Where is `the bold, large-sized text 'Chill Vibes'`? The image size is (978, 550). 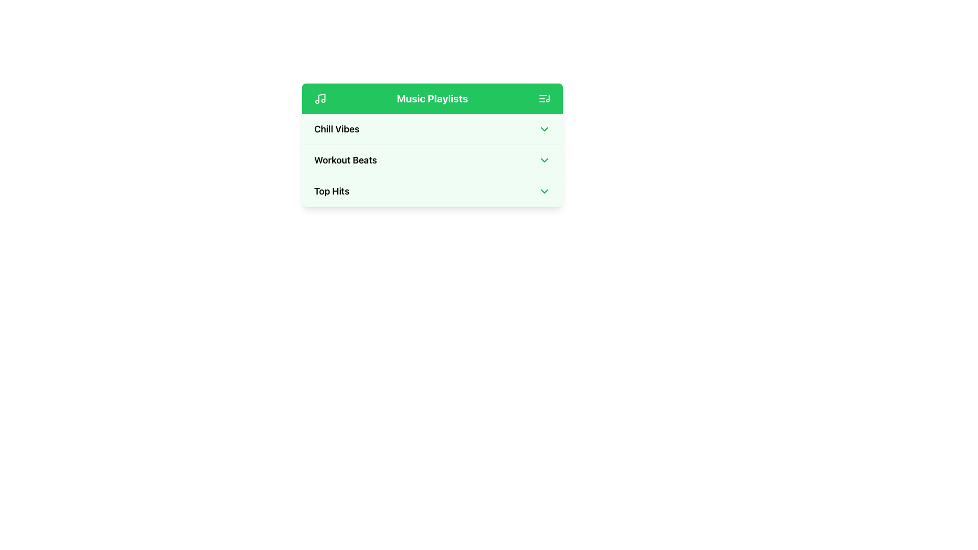 the bold, large-sized text 'Chill Vibes' is located at coordinates (337, 129).